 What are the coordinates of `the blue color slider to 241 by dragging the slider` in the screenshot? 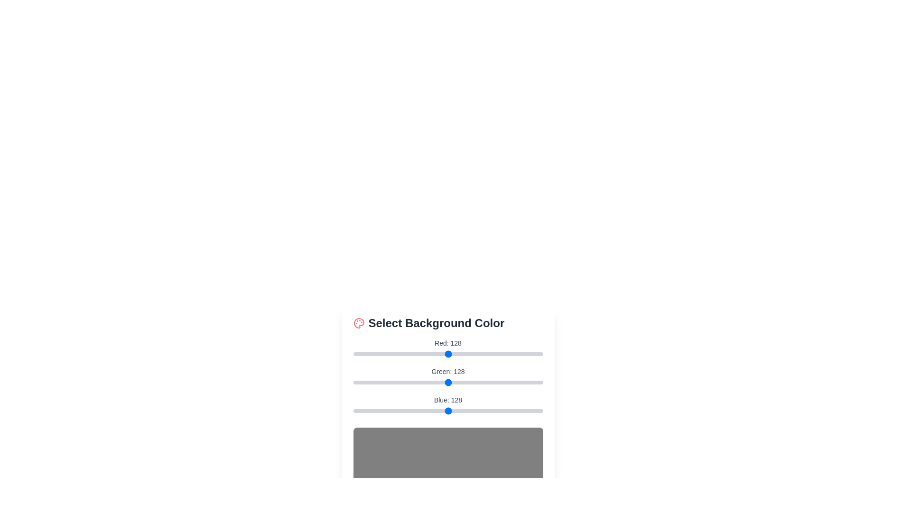 It's located at (532, 411).